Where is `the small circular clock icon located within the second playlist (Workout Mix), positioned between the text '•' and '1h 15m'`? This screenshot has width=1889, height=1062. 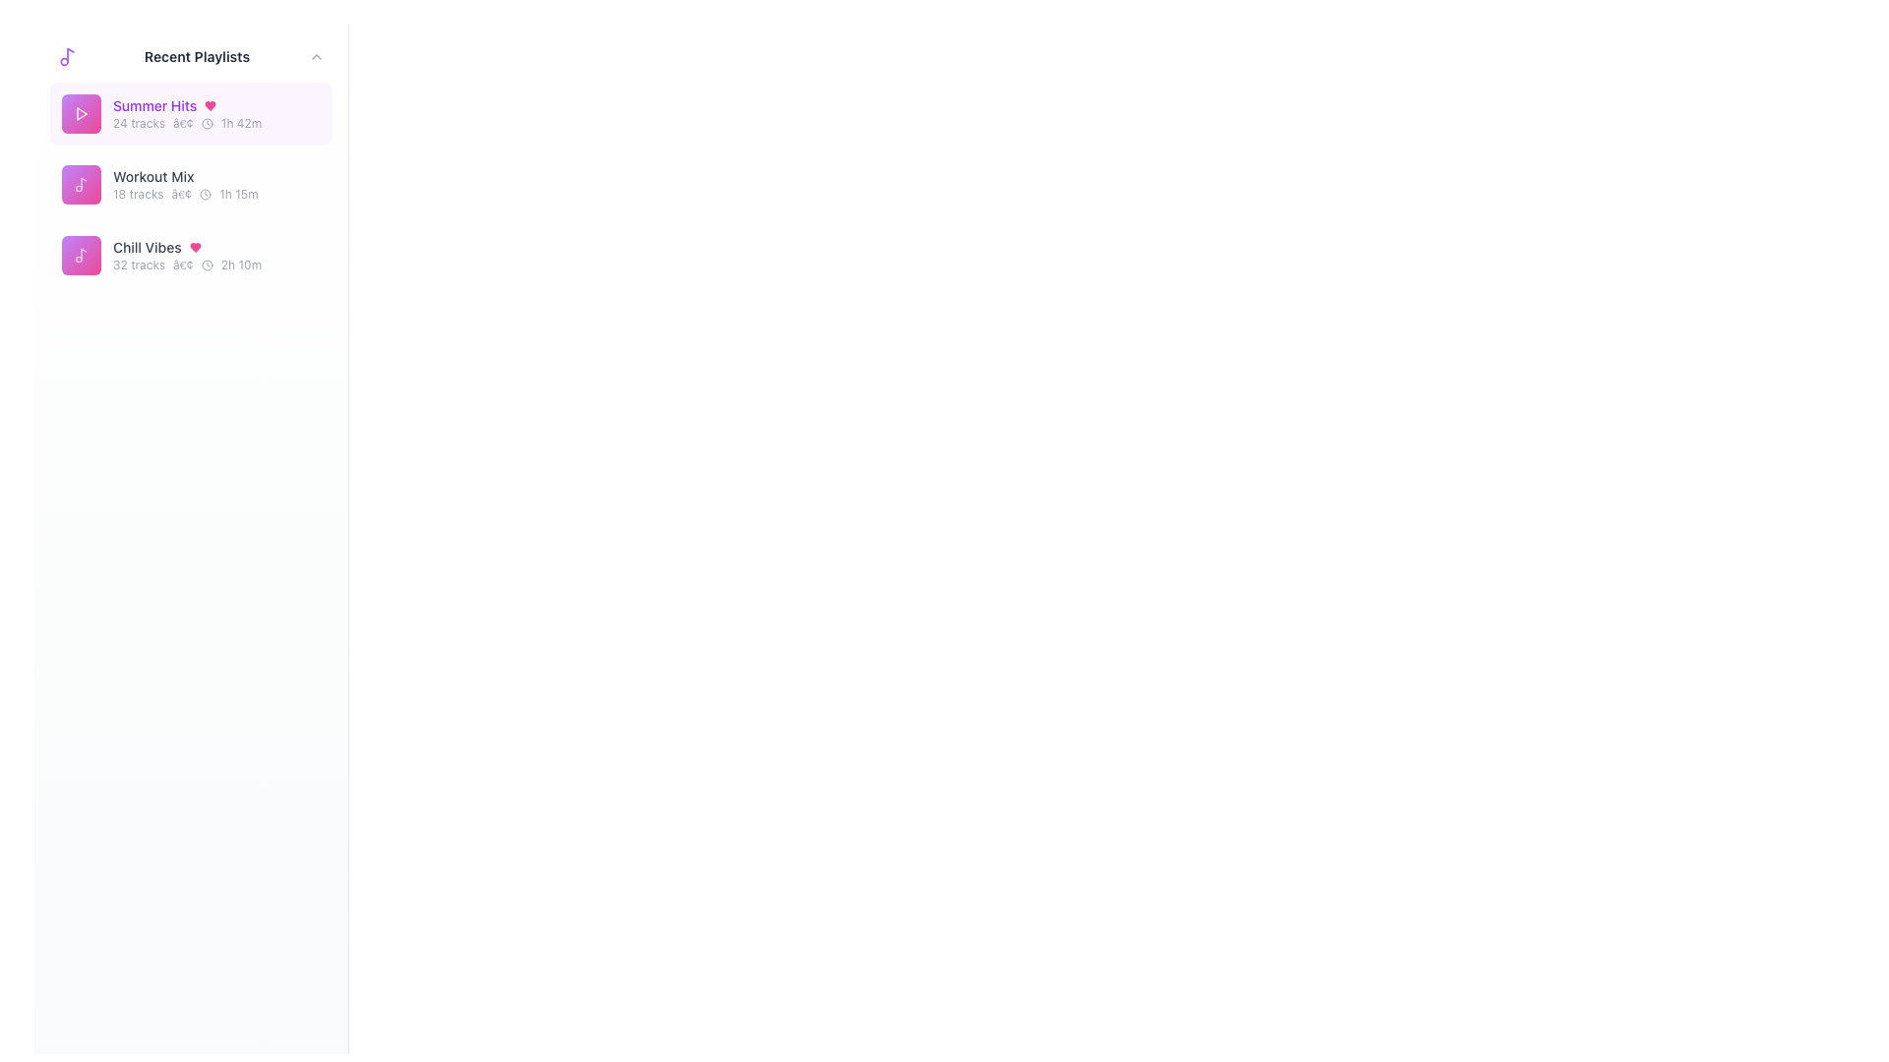 the small circular clock icon located within the second playlist (Workout Mix), positioned between the text '•' and '1h 15m' is located at coordinates (206, 194).